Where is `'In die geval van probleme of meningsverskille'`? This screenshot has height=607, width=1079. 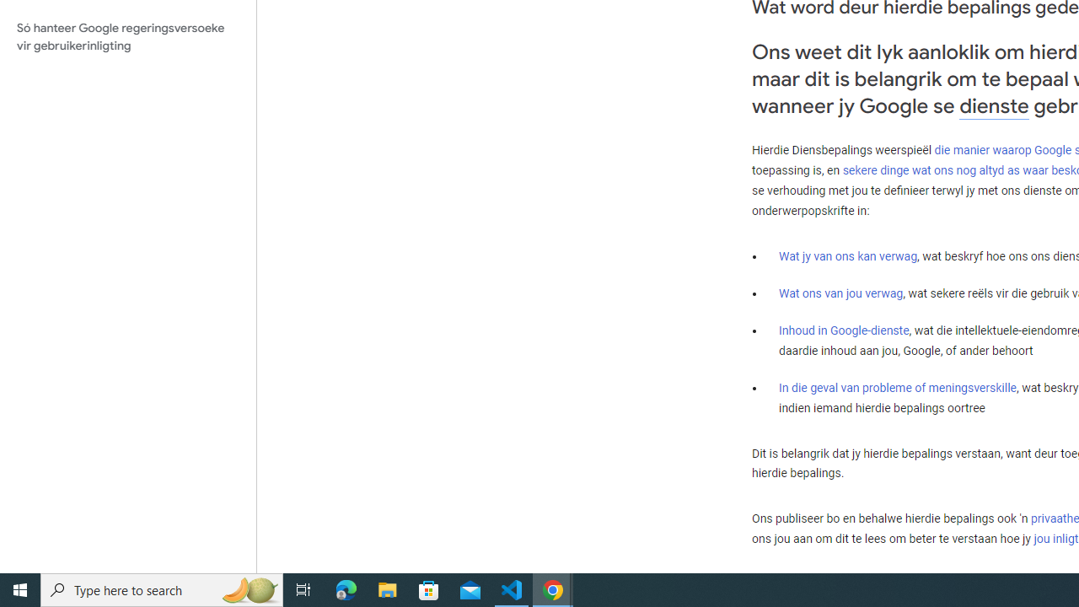
'In die geval van probleme of meningsverskille' is located at coordinates (896, 387).